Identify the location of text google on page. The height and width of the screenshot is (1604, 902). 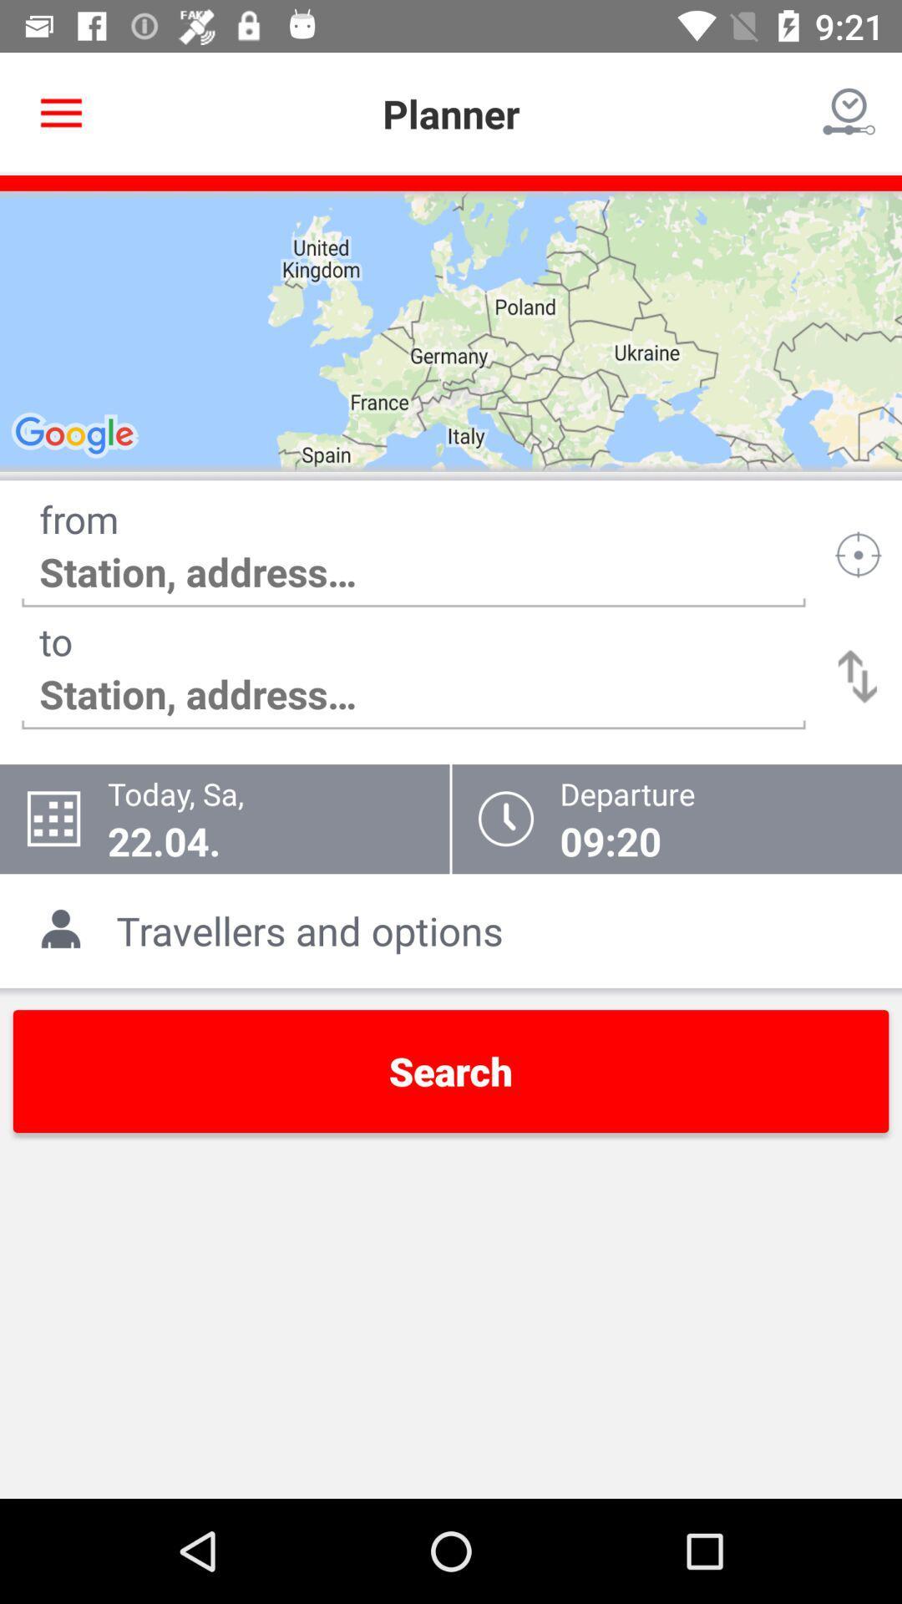
(77, 436).